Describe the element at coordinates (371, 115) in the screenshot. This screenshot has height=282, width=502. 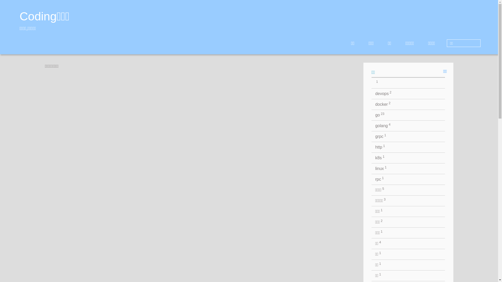
I see `'go23'` at that location.